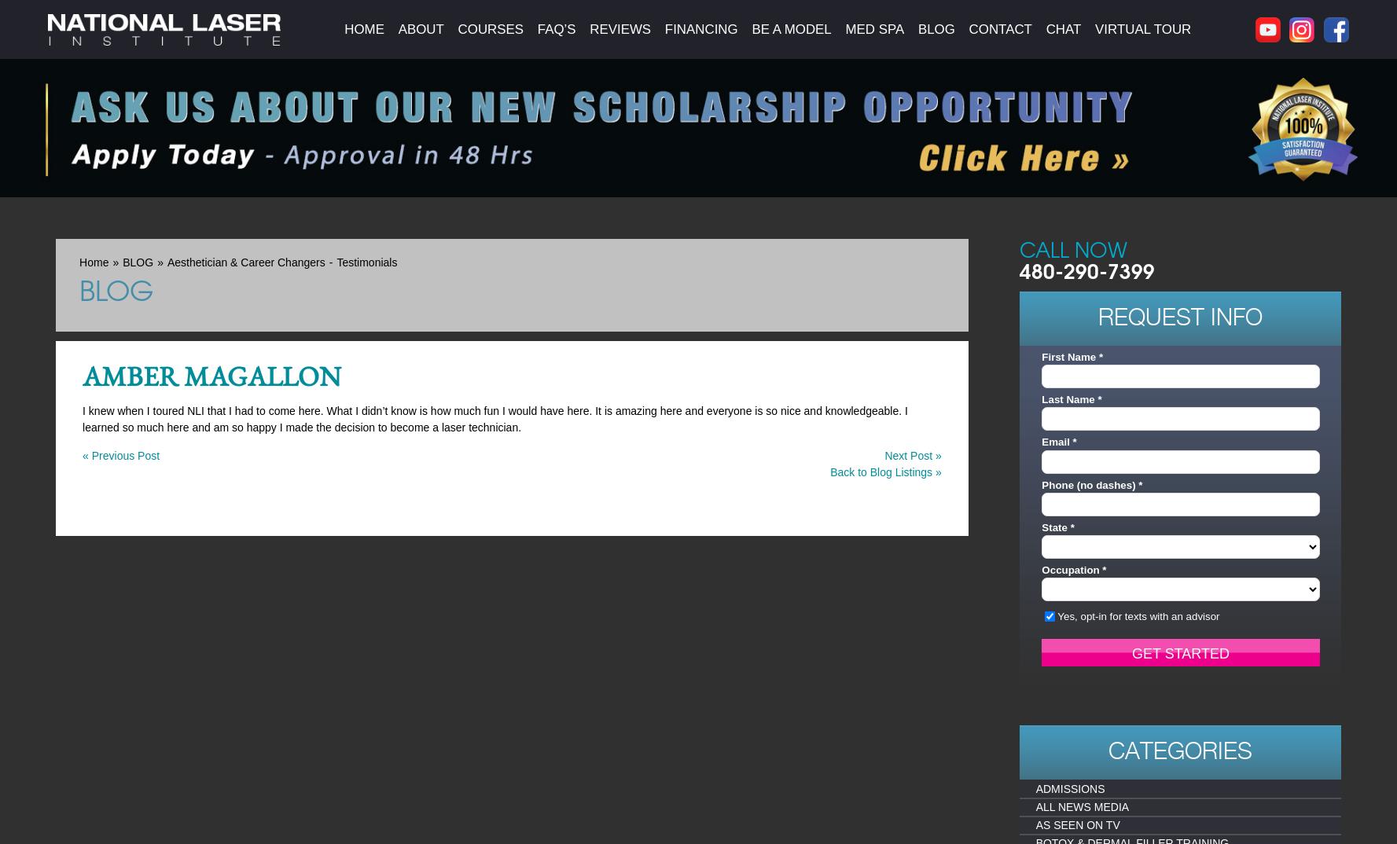 The image size is (1397, 844). Describe the element at coordinates (603, 40) in the screenshot. I see `'Aesthetician FAQs'` at that location.